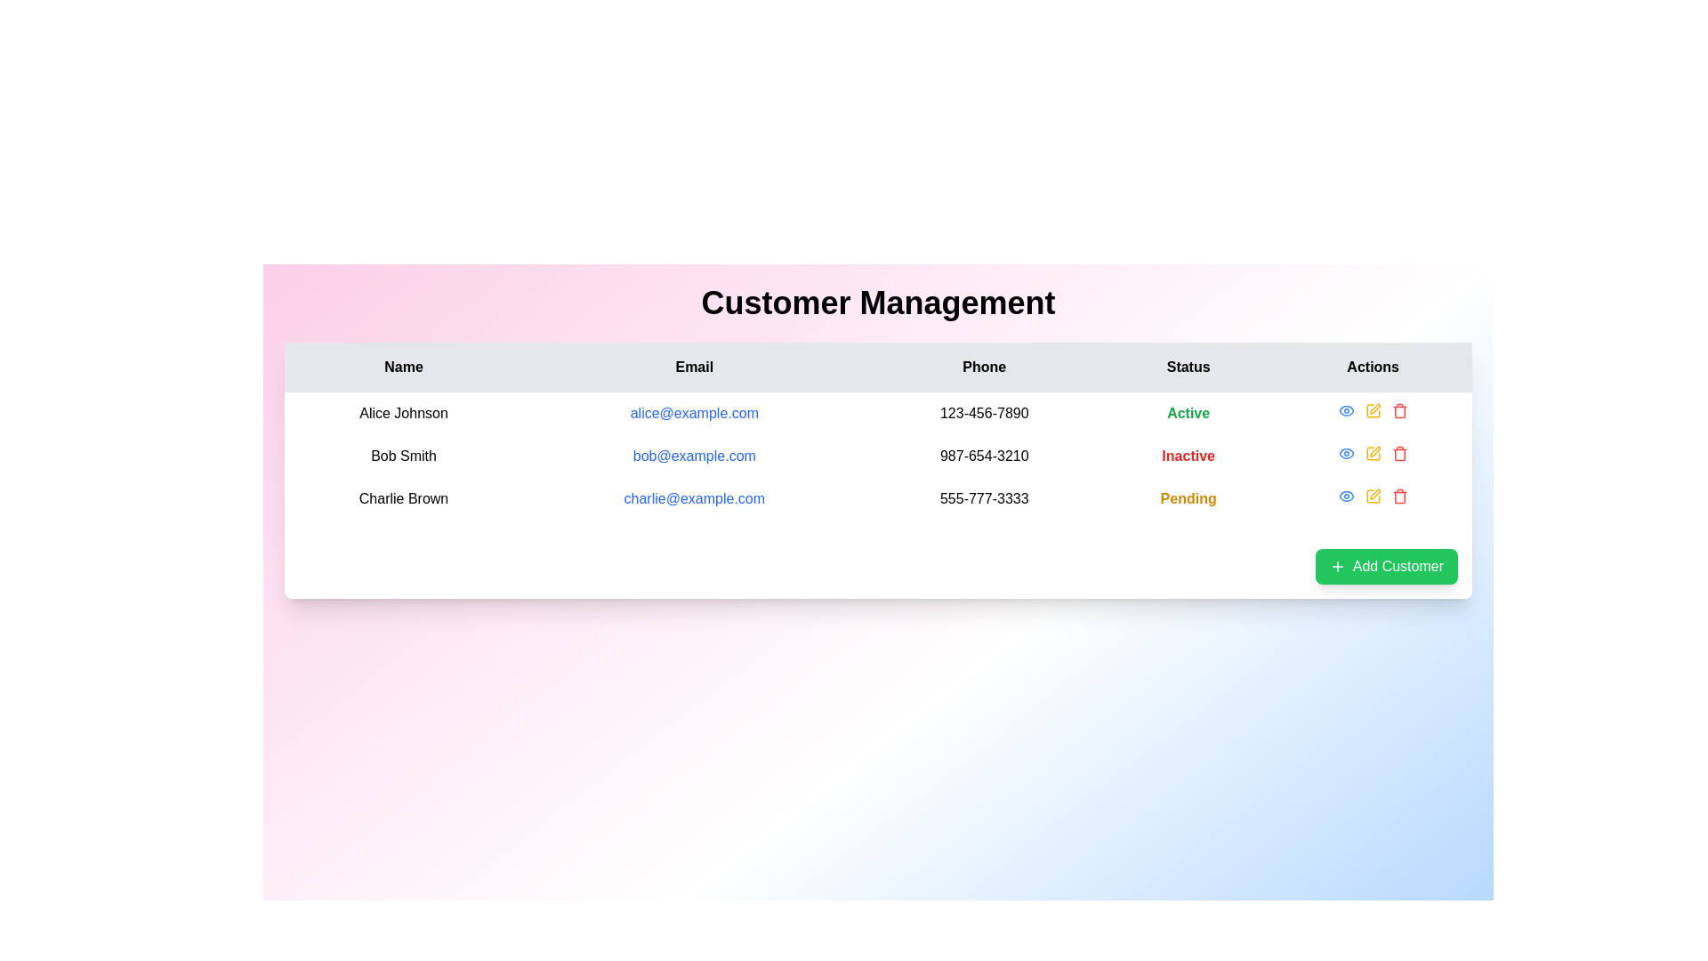  I want to click on the trash bin icon button located in the 'Actions' column of the table row for 'Bob Smith', so click(1398, 412).